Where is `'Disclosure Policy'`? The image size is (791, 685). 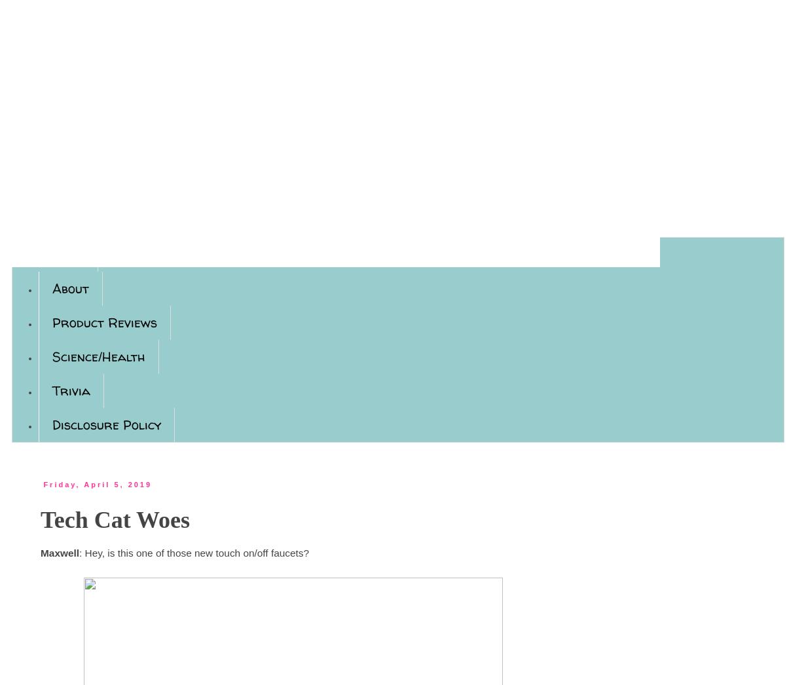
'Disclosure Policy' is located at coordinates (51, 424).